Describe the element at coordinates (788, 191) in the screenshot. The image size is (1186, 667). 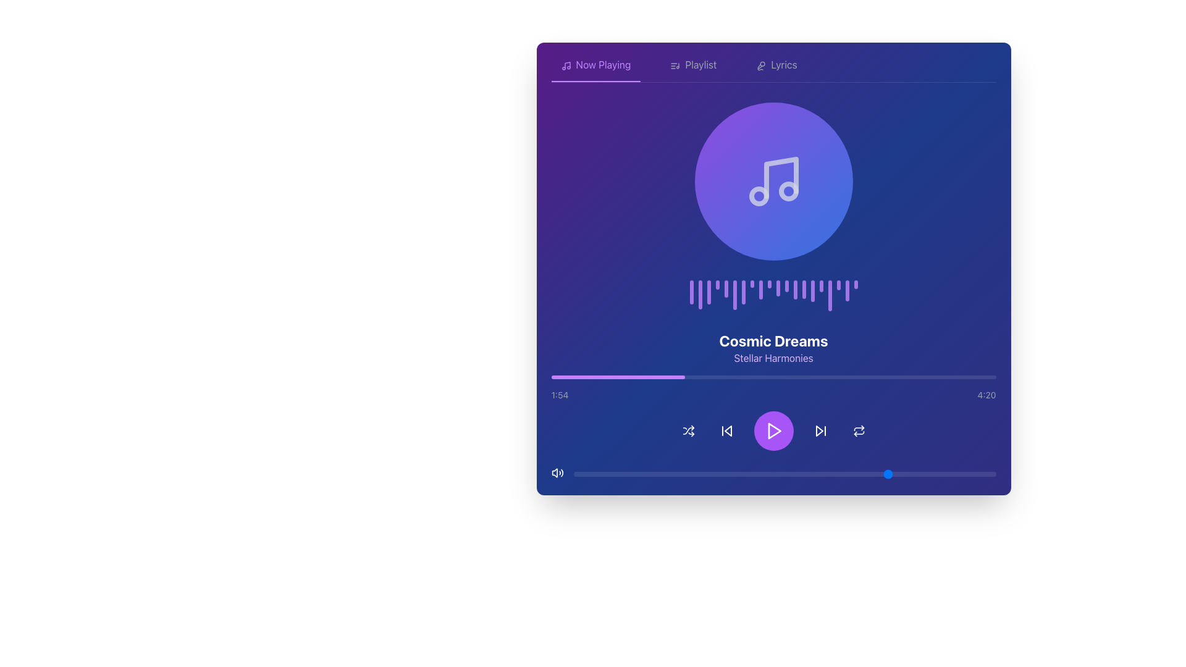
I see `the rightmost circular decorative element within the musical note icon, which is prominently displayed in the upper center region of the application` at that location.